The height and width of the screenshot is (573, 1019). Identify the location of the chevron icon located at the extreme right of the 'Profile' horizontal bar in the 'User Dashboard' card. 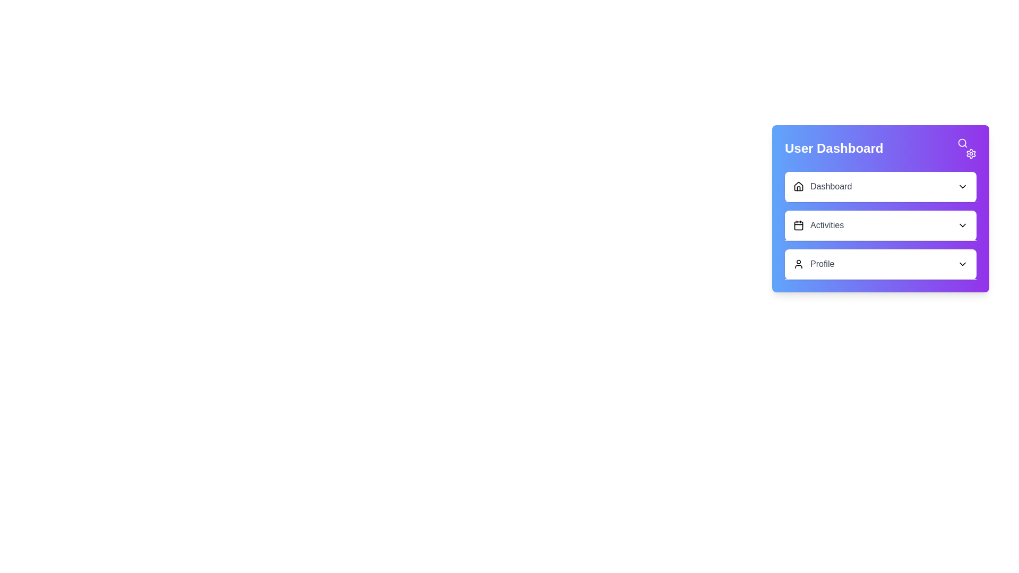
(963, 263).